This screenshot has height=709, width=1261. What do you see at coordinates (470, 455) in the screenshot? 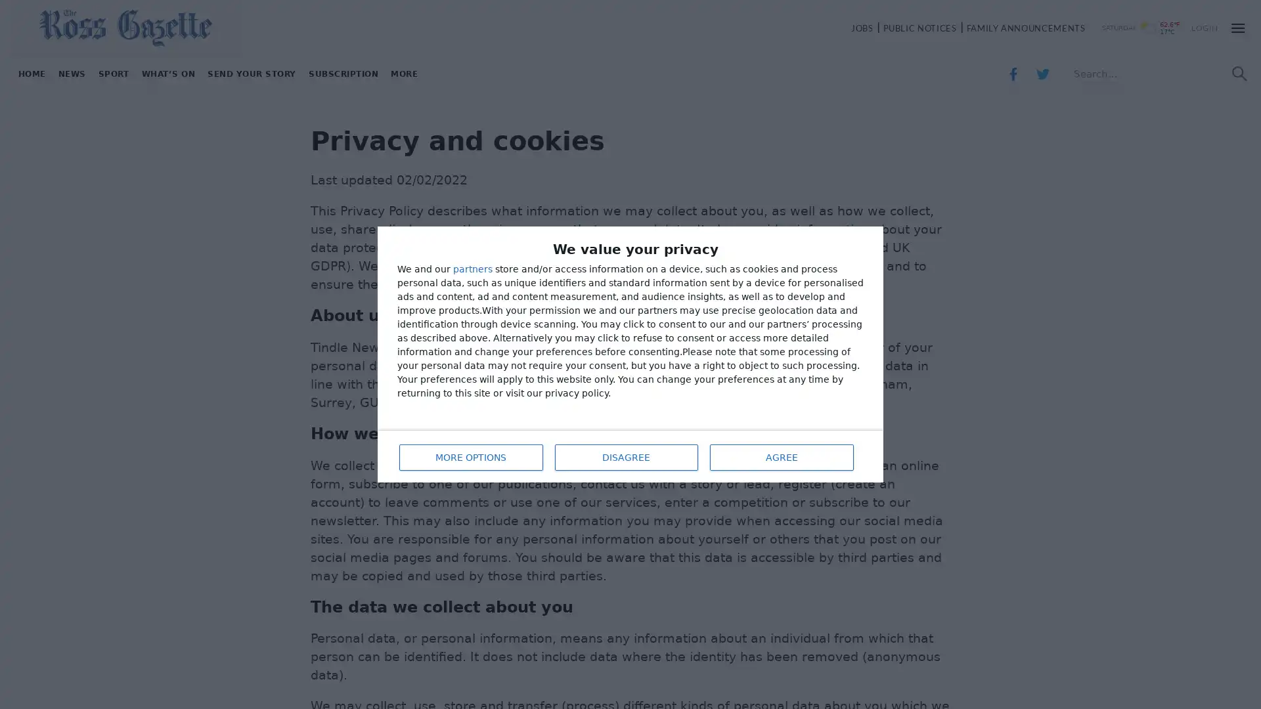
I see `MORE OPTIONS` at bounding box center [470, 455].